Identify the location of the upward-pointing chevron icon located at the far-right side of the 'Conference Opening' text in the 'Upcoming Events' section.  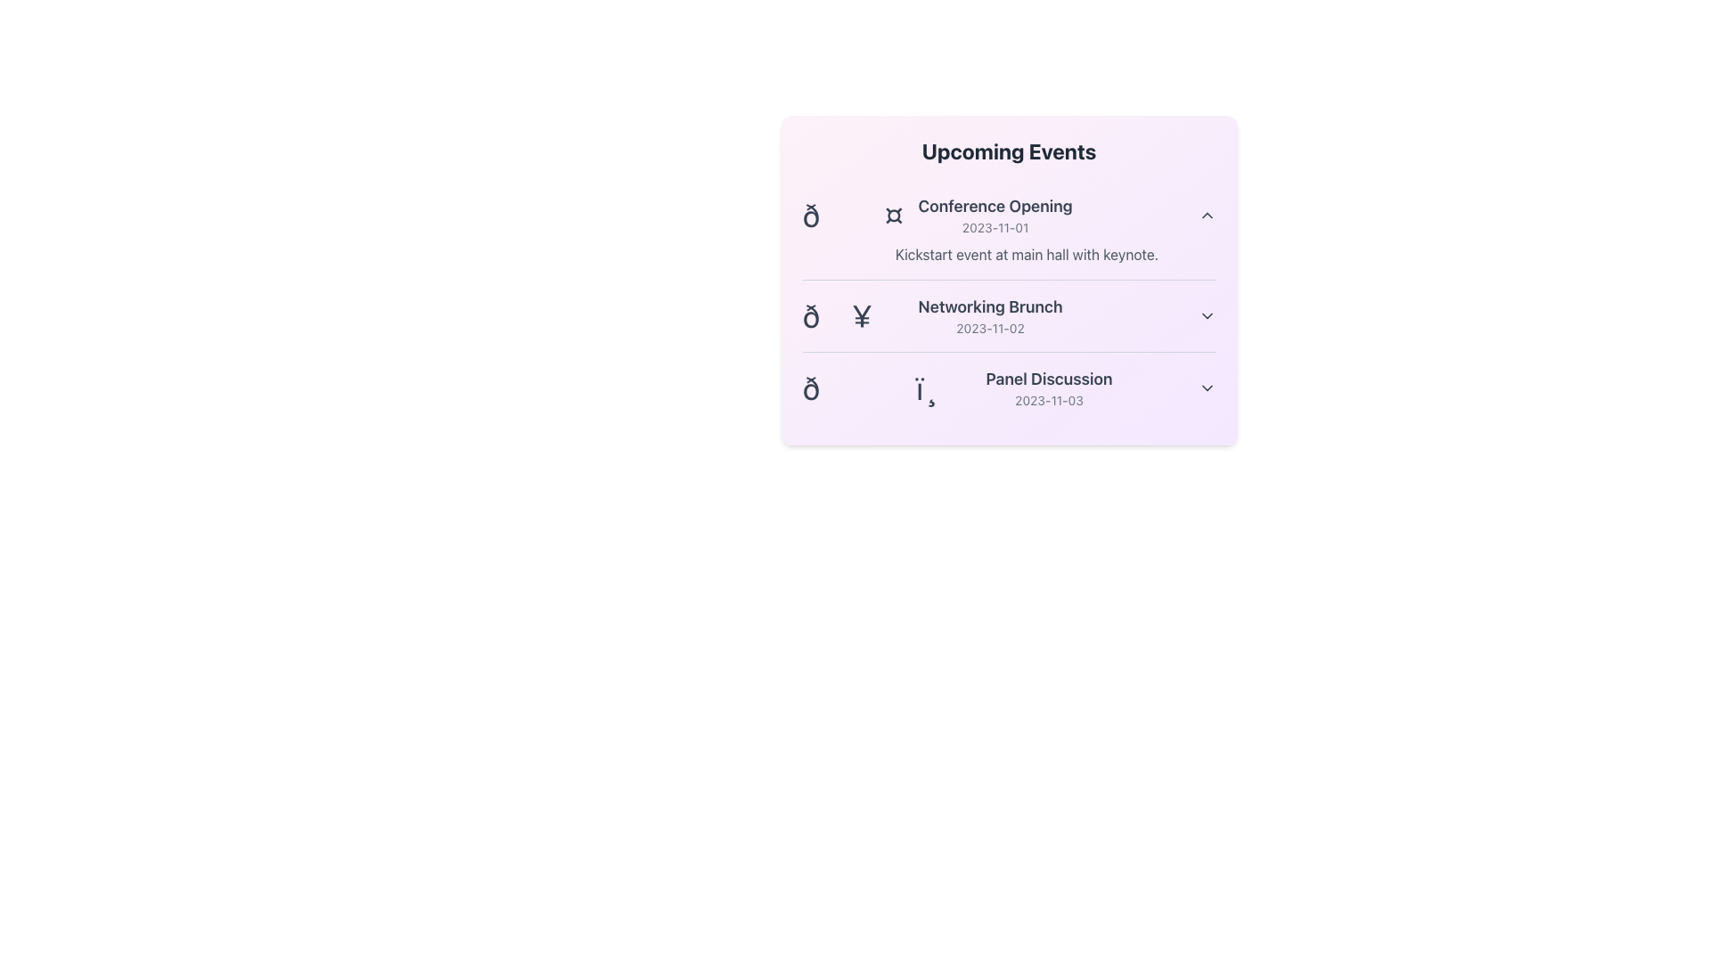
(1207, 215).